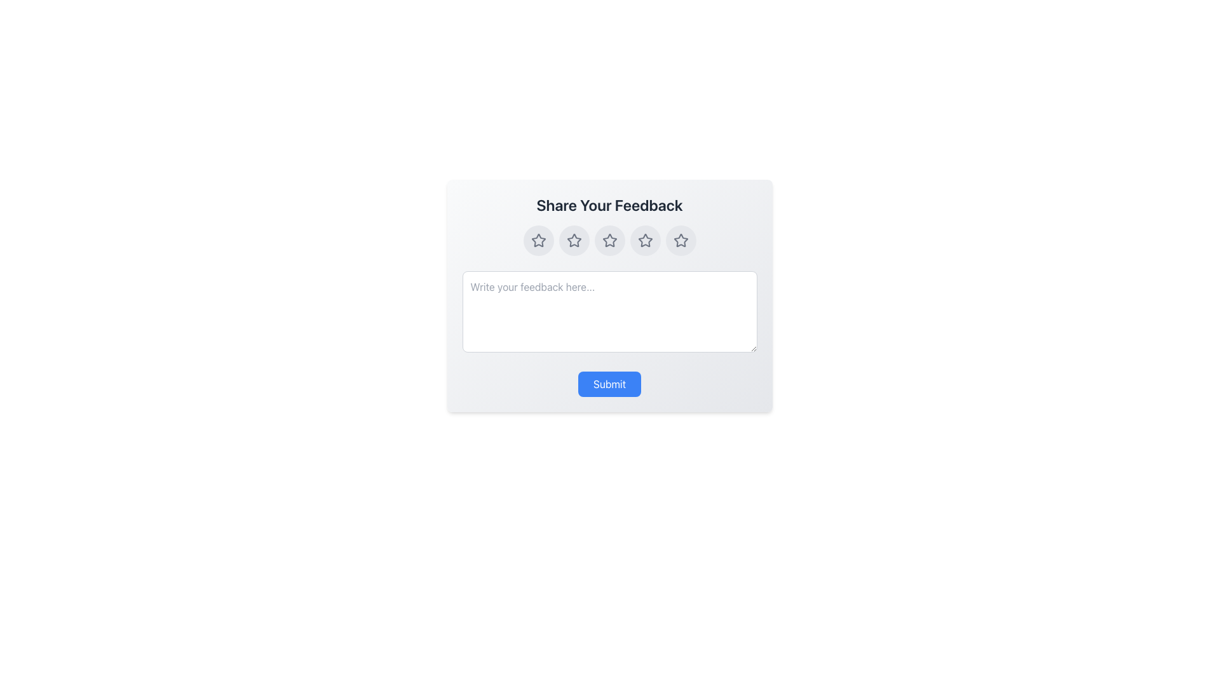 The width and height of the screenshot is (1220, 686). Describe the element at coordinates (573, 240) in the screenshot. I see `the second star` at that location.